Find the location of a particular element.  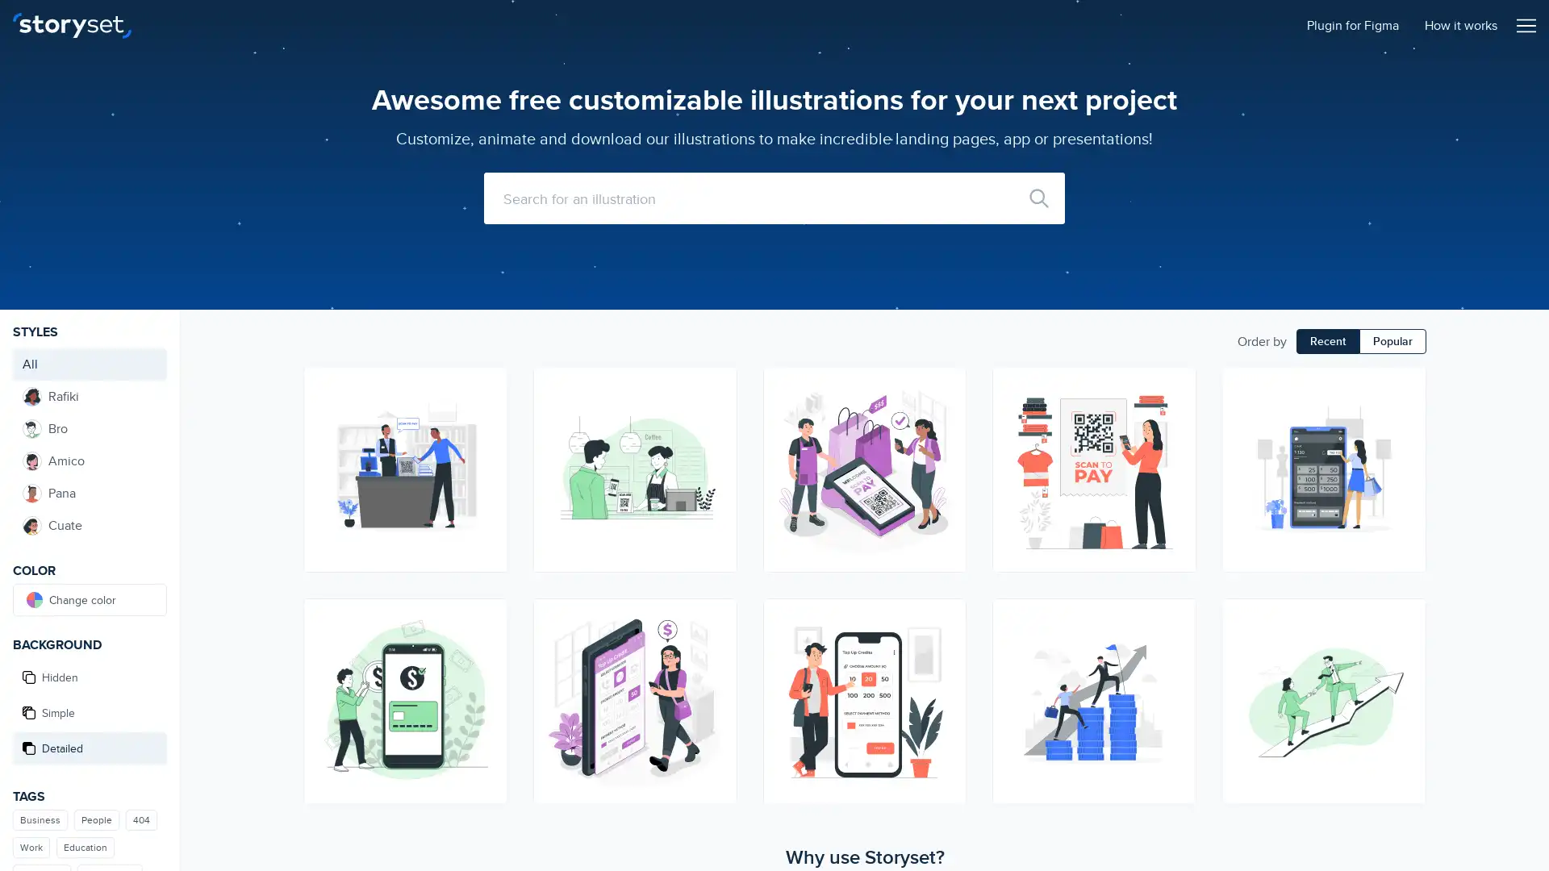

Search button is located at coordinates (1038, 198).